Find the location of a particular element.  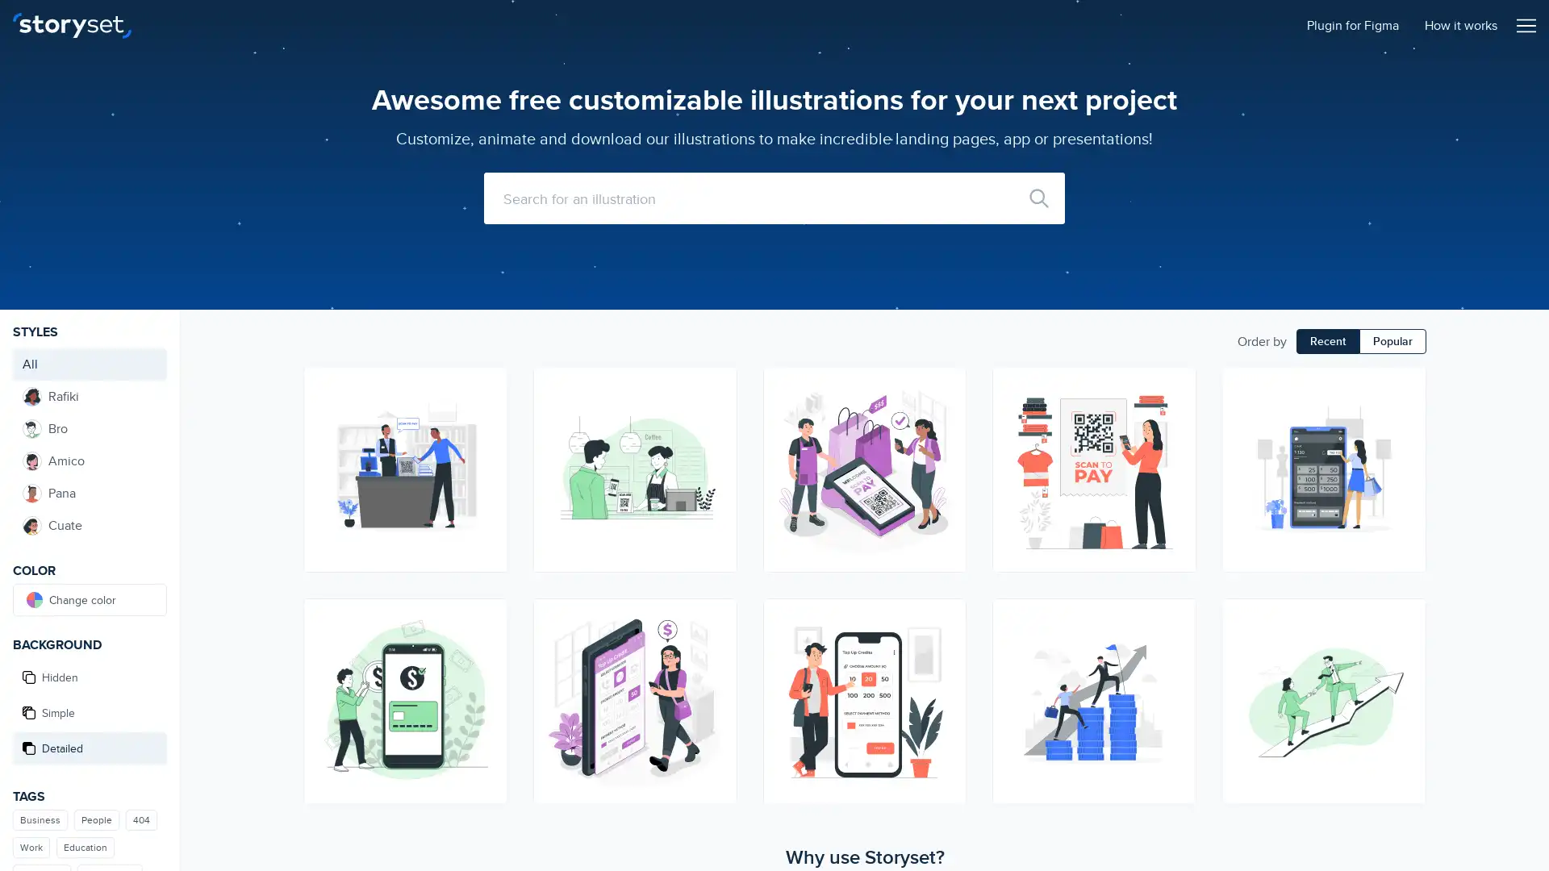

Search button is located at coordinates (1038, 198).